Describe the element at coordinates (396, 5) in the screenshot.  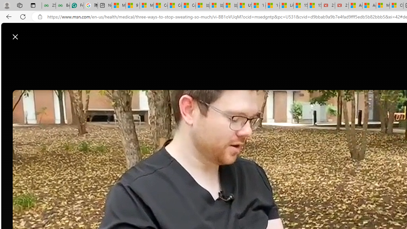
I see `'Cloud Computing Services | Microsoft Azure'` at that location.